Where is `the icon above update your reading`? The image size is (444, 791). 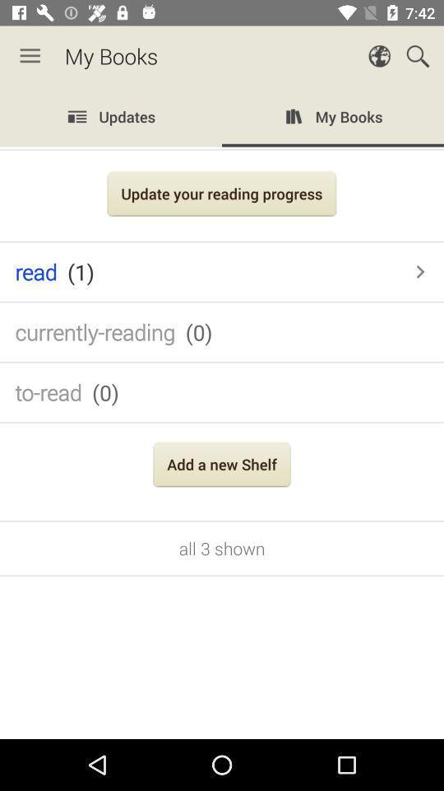
the icon above update your reading is located at coordinates (222, 118).